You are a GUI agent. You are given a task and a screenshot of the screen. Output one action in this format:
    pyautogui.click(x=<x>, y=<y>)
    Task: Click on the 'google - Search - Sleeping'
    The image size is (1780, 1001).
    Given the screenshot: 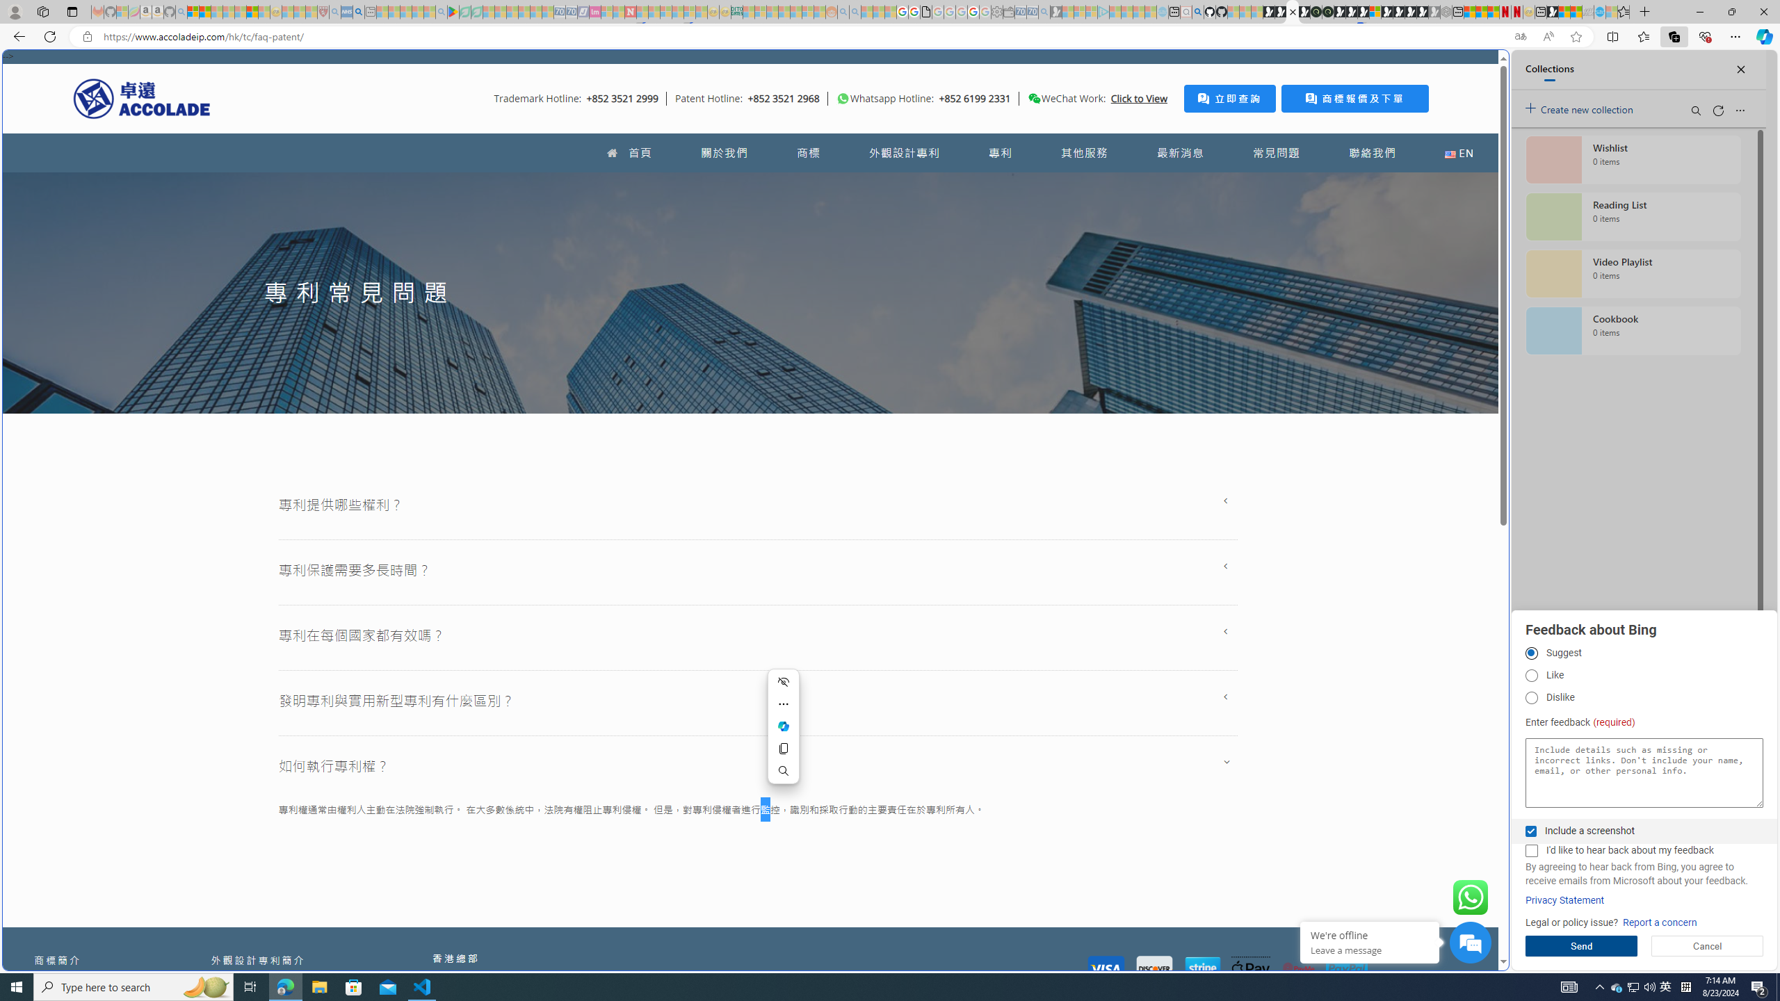 What is the action you would take?
    pyautogui.click(x=440, y=11)
    